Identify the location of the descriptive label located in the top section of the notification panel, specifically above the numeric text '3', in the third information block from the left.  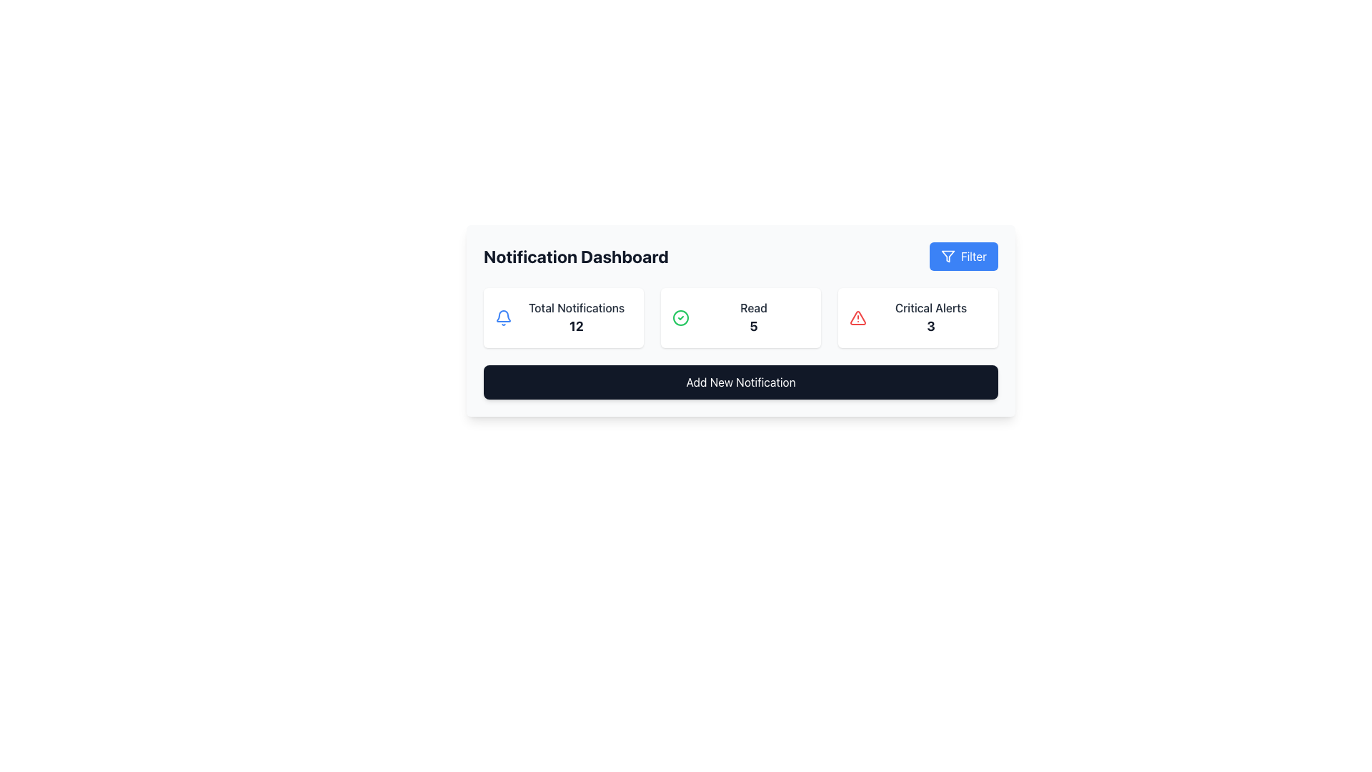
(930, 307).